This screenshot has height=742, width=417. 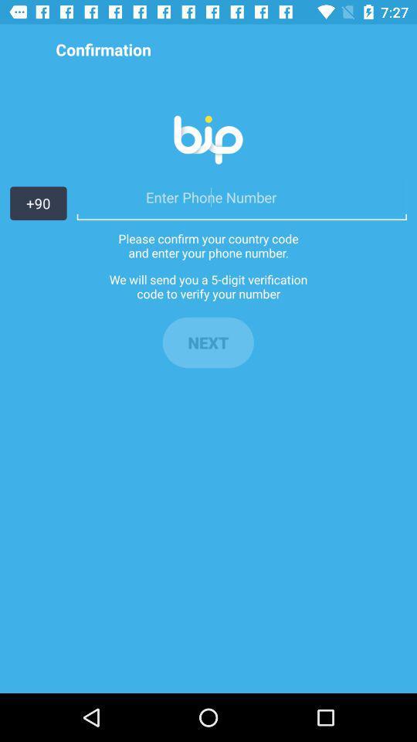 What do you see at coordinates (208, 342) in the screenshot?
I see `item below the we will send icon` at bounding box center [208, 342].